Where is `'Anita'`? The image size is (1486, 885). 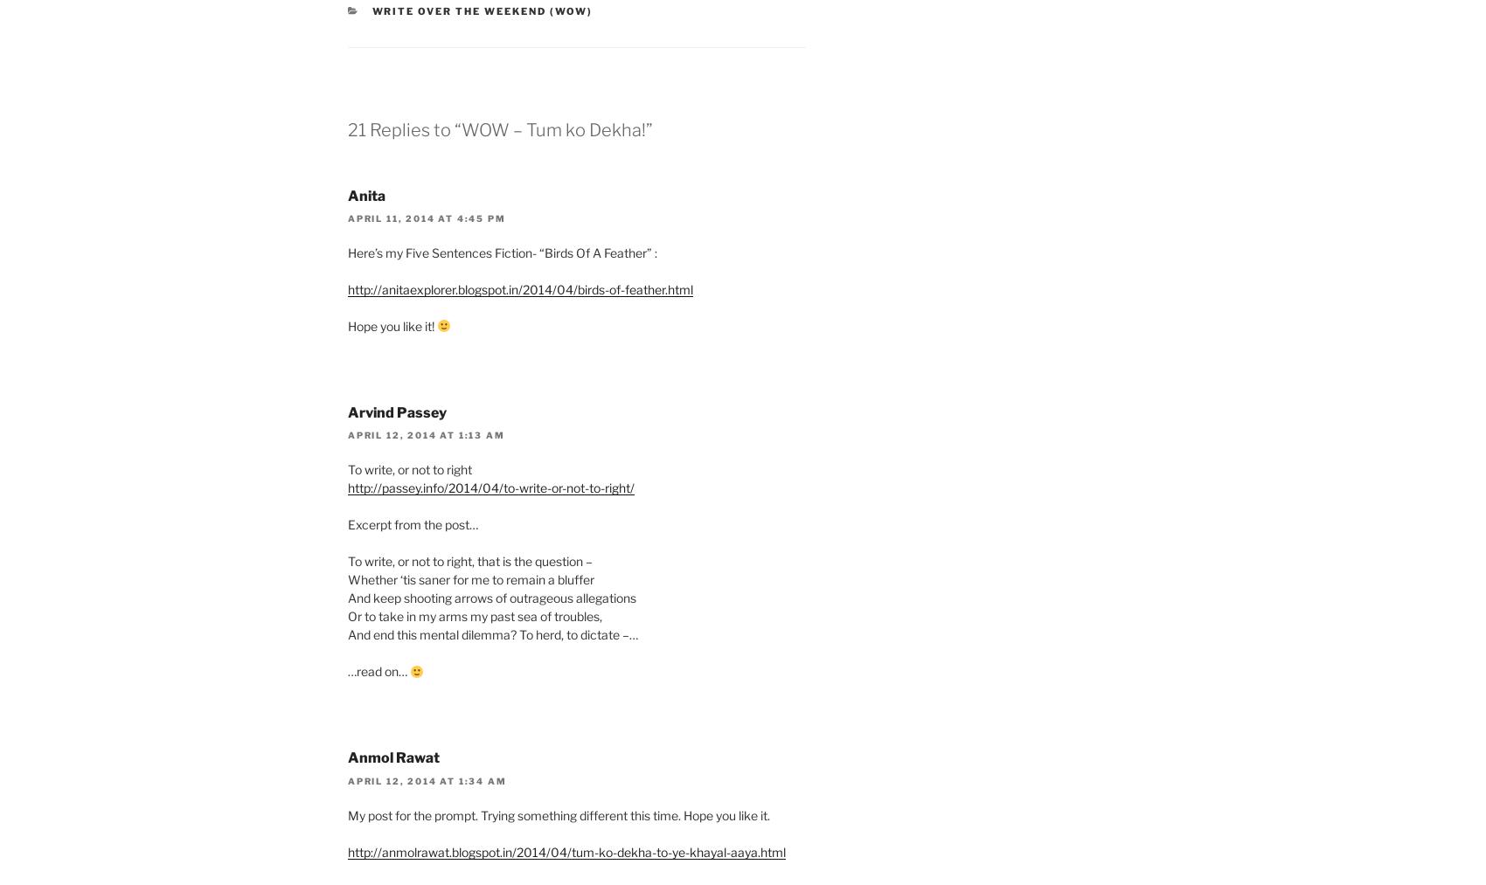 'Anita' is located at coordinates (365, 194).